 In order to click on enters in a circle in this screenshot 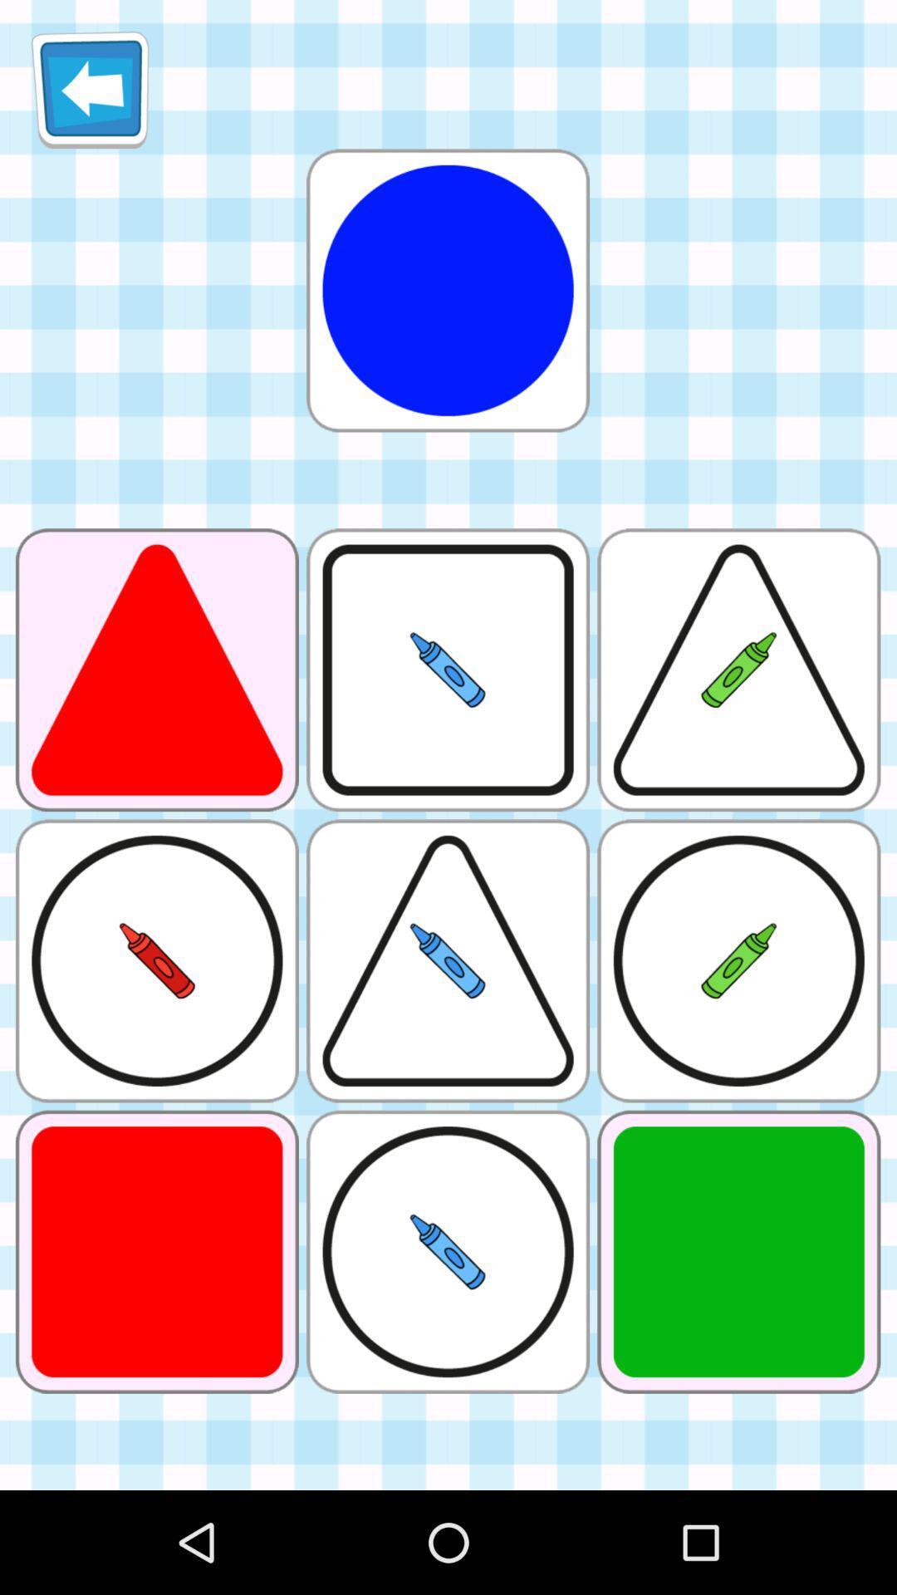, I will do `click(447, 290)`.